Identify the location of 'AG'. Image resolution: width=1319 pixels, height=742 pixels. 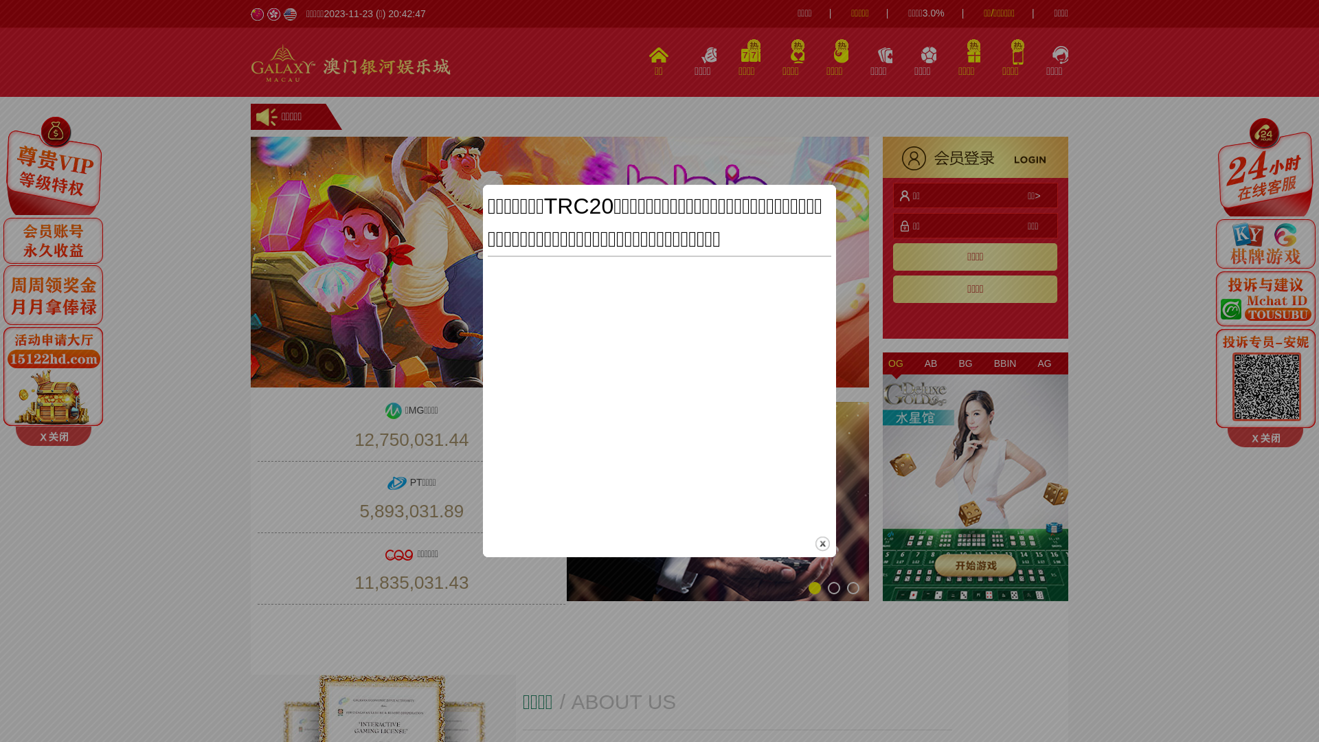
(1044, 362).